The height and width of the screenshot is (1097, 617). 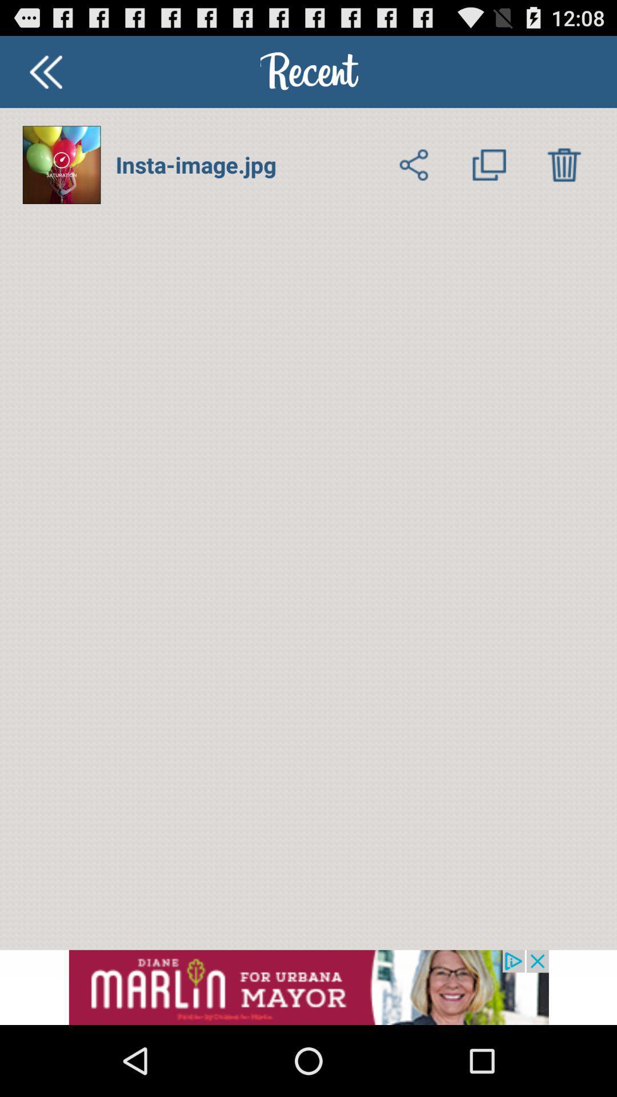 What do you see at coordinates (488, 164) in the screenshot?
I see `multiple images` at bounding box center [488, 164].